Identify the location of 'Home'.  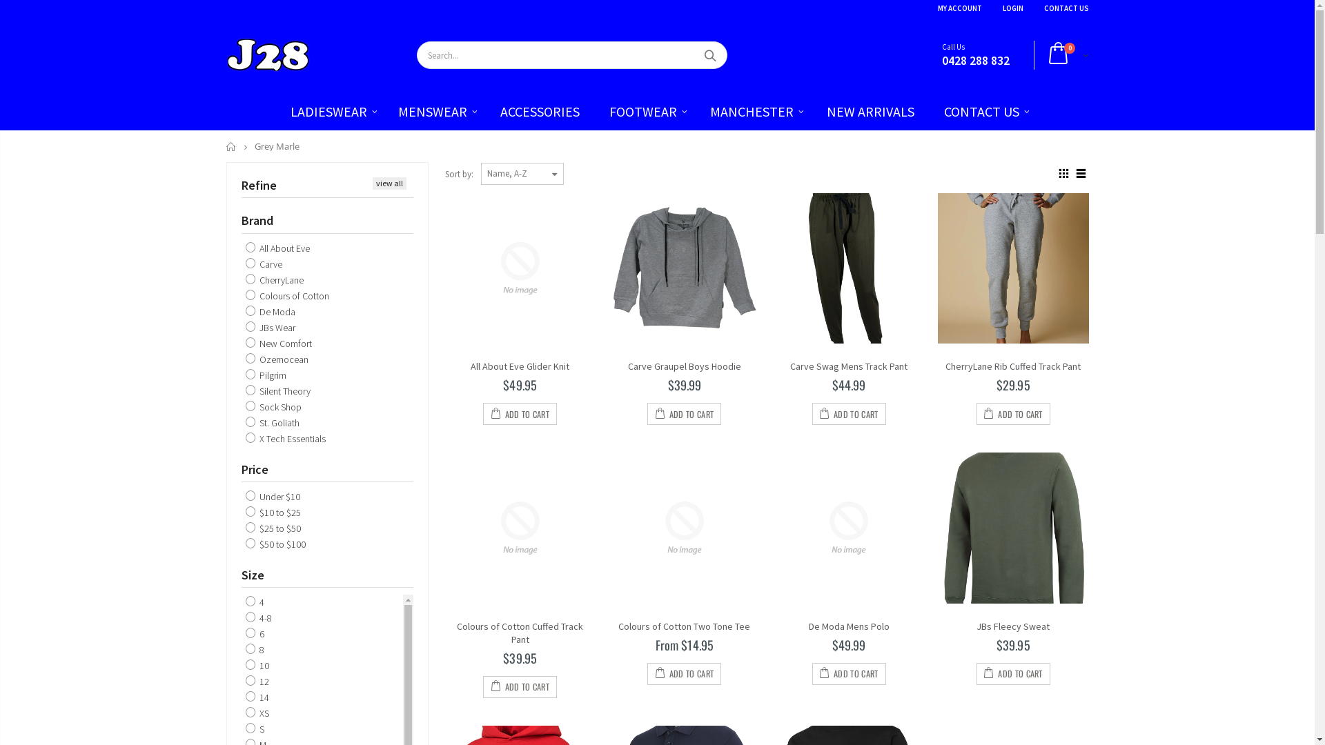
(231, 146).